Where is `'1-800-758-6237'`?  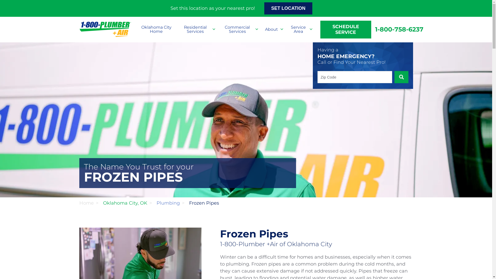
'1-800-758-6237' is located at coordinates (397, 29).